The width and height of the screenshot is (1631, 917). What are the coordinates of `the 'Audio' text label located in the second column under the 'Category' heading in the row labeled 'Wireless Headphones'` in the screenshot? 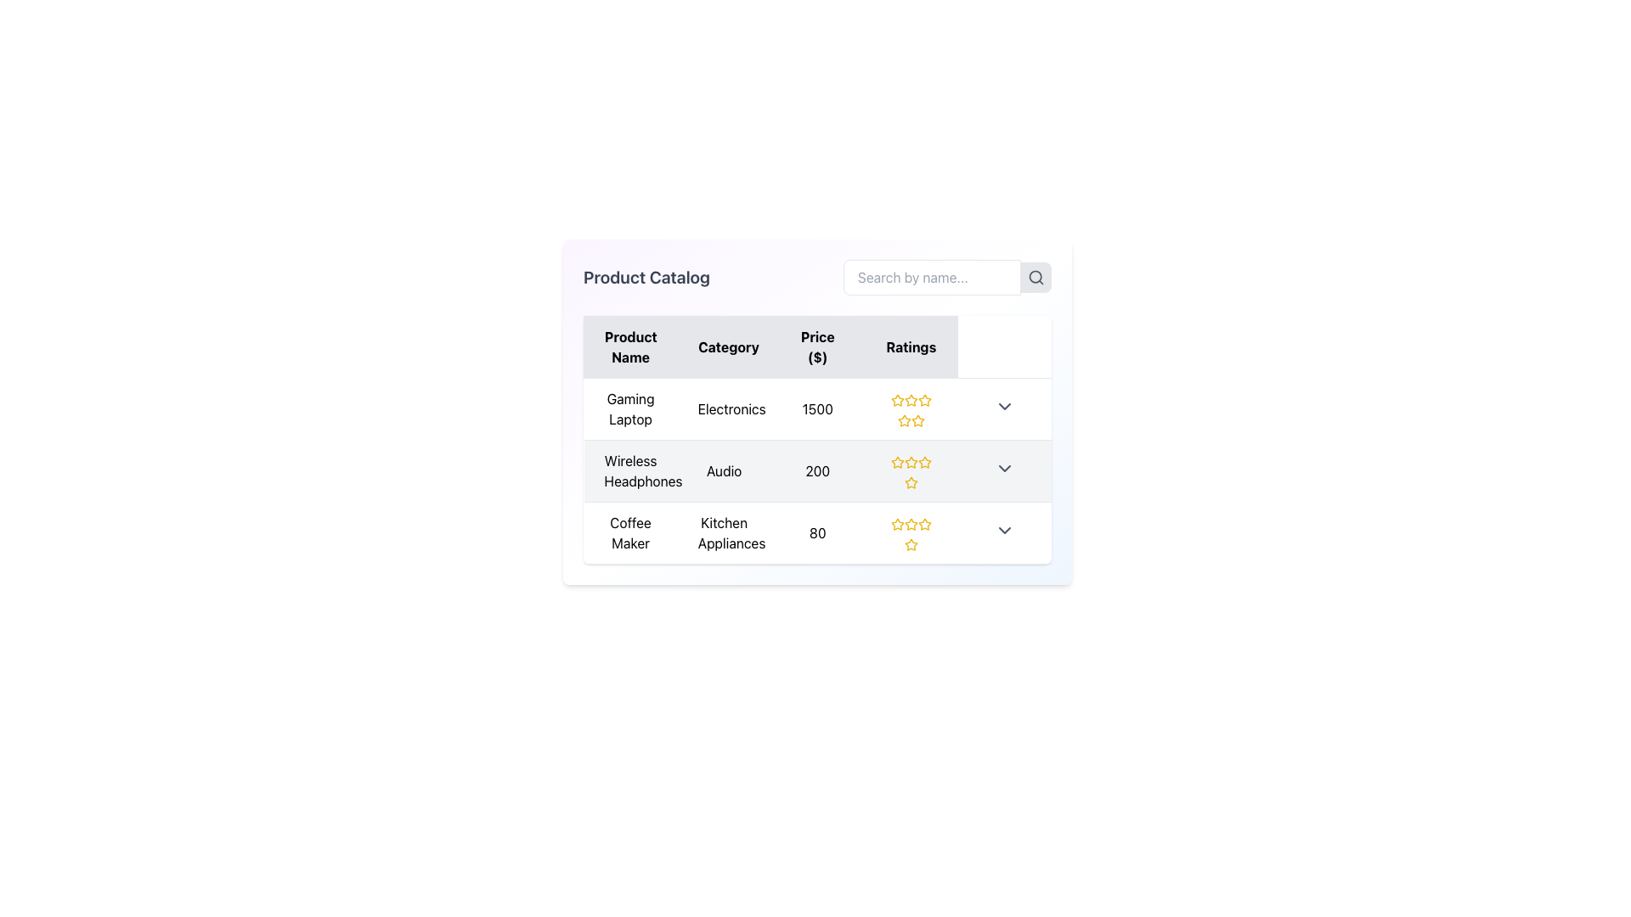 It's located at (724, 471).